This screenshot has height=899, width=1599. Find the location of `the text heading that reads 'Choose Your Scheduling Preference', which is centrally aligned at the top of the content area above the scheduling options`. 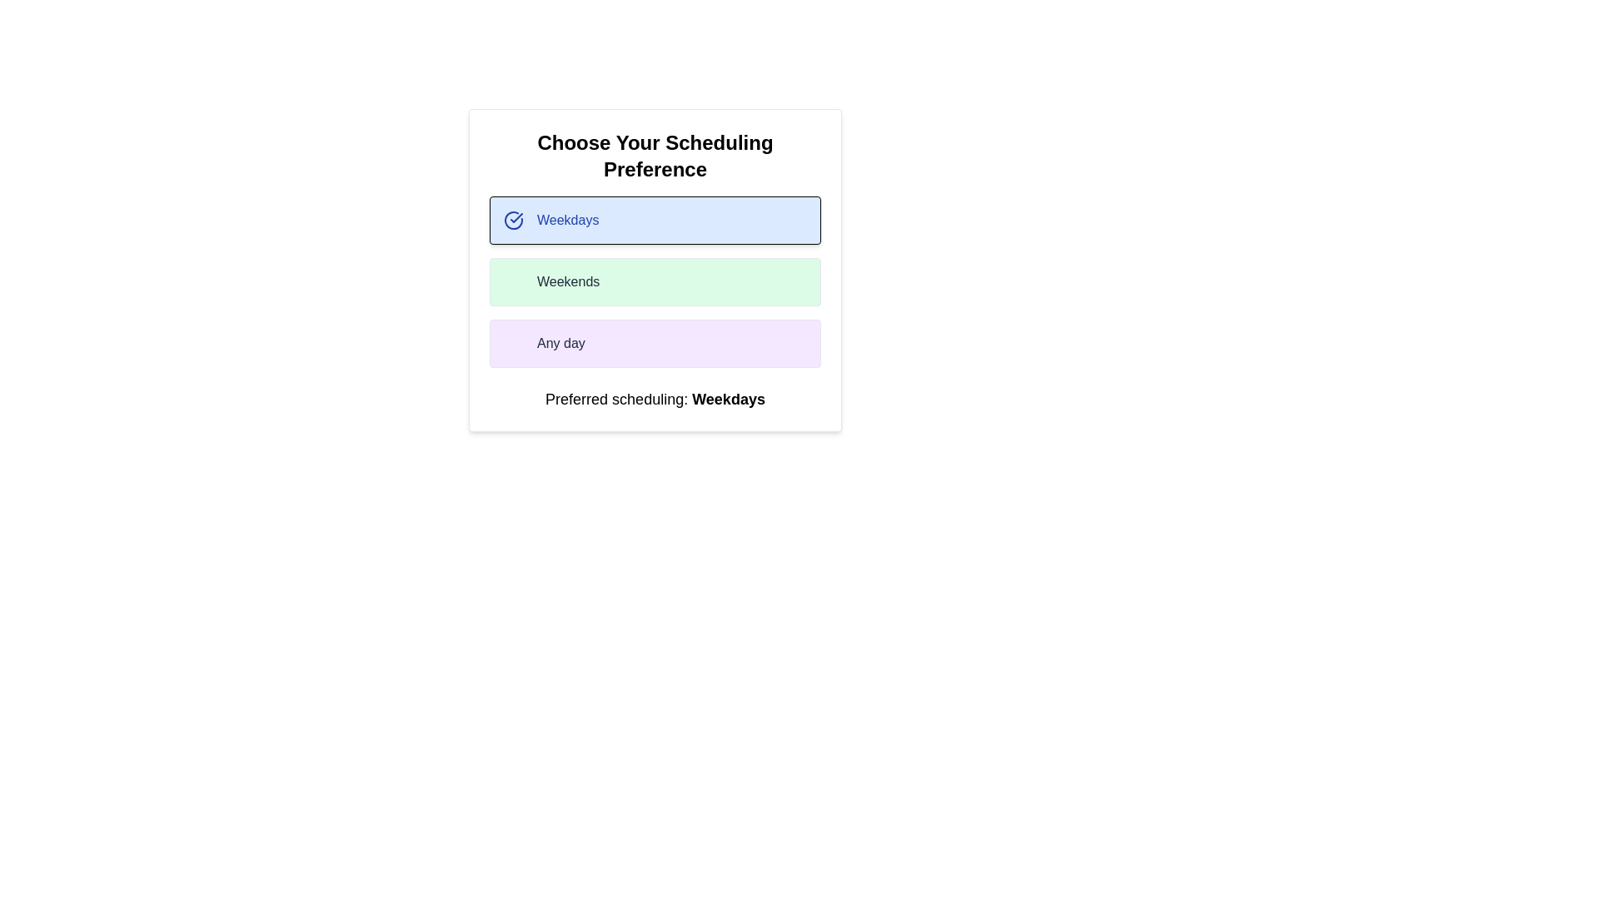

the text heading that reads 'Choose Your Scheduling Preference', which is centrally aligned at the top of the content area above the scheduling options is located at coordinates (655, 156).